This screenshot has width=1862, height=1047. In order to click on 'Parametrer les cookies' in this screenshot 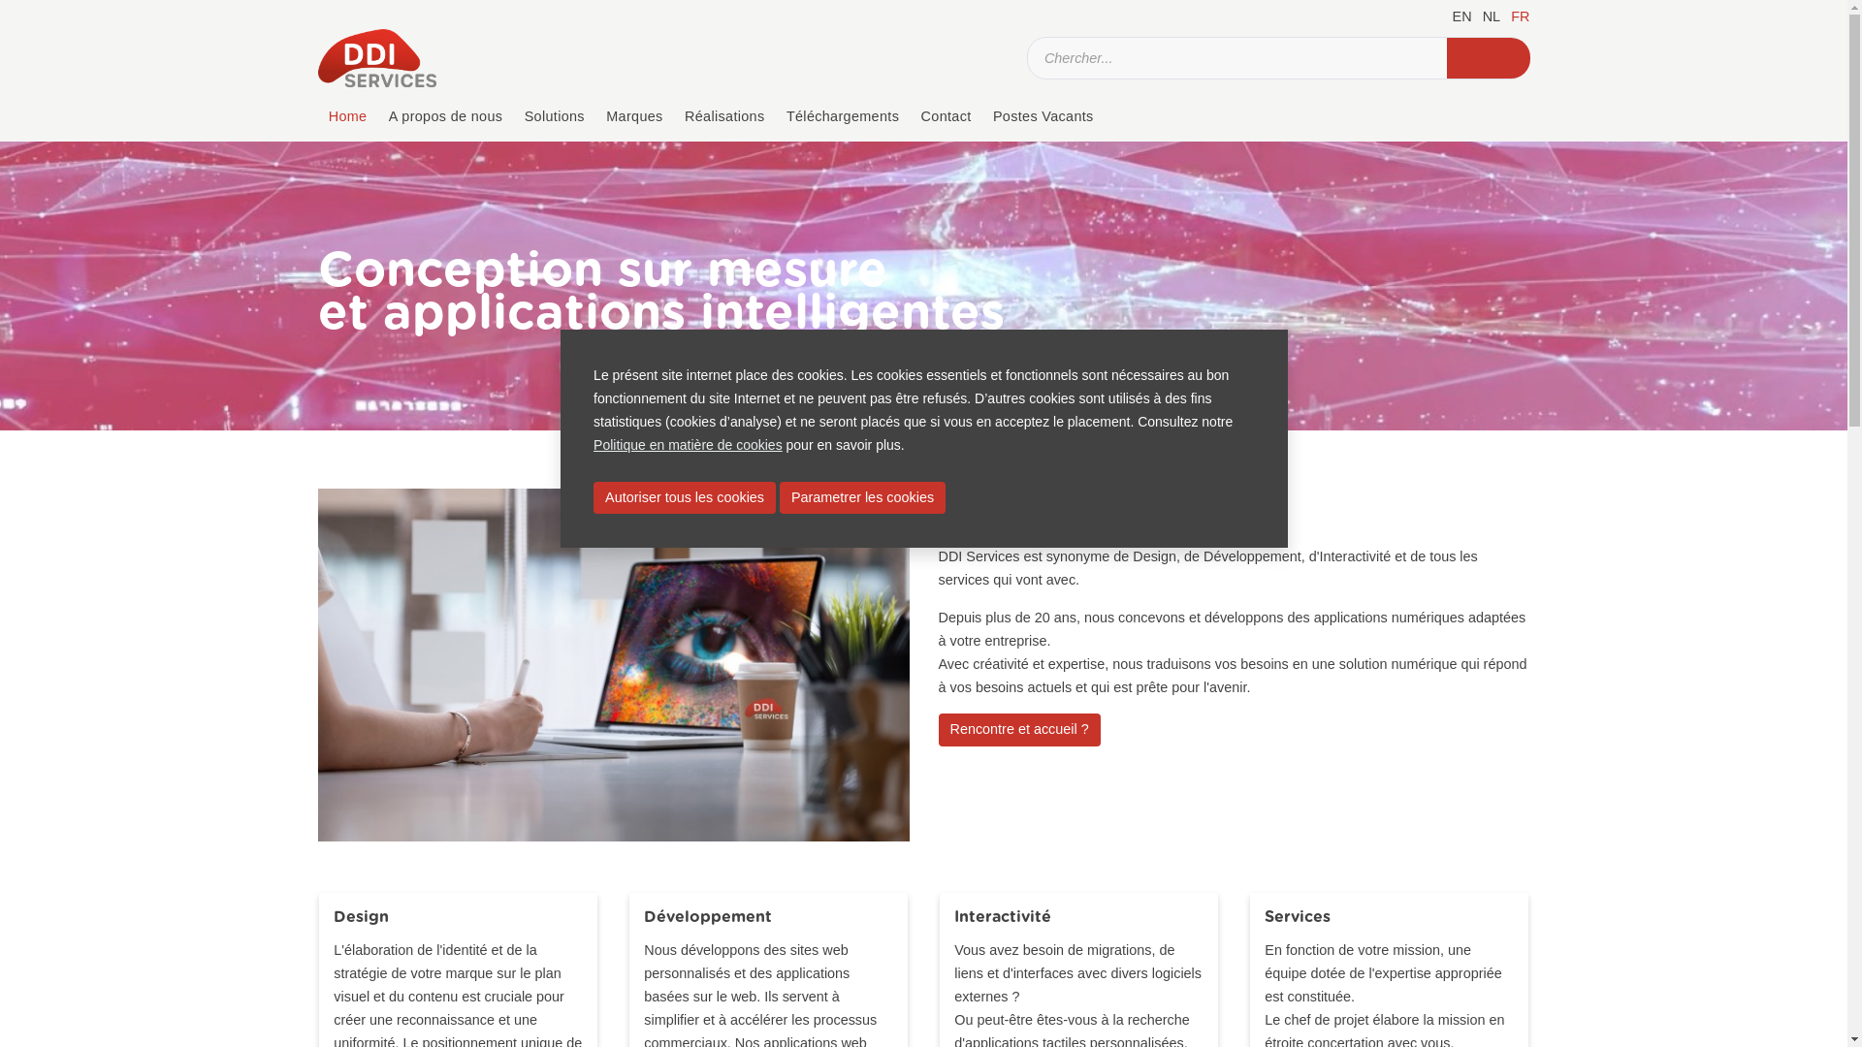, I will do `click(861, 496)`.